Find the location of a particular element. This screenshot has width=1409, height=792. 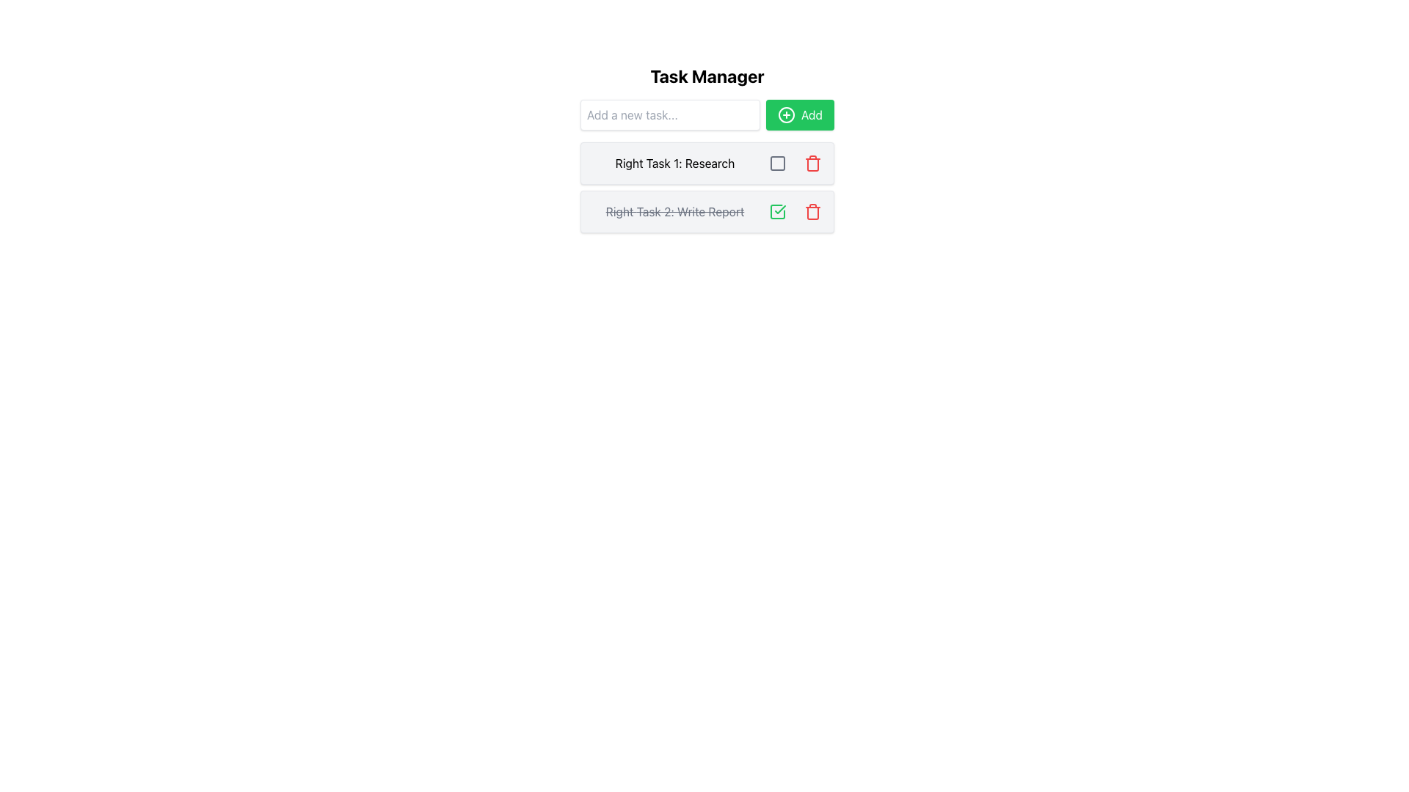

the static Text Label that conveys the title or description of a task, positioned to the leftmost side within the Task Manager interface is located at coordinates (674, 164).